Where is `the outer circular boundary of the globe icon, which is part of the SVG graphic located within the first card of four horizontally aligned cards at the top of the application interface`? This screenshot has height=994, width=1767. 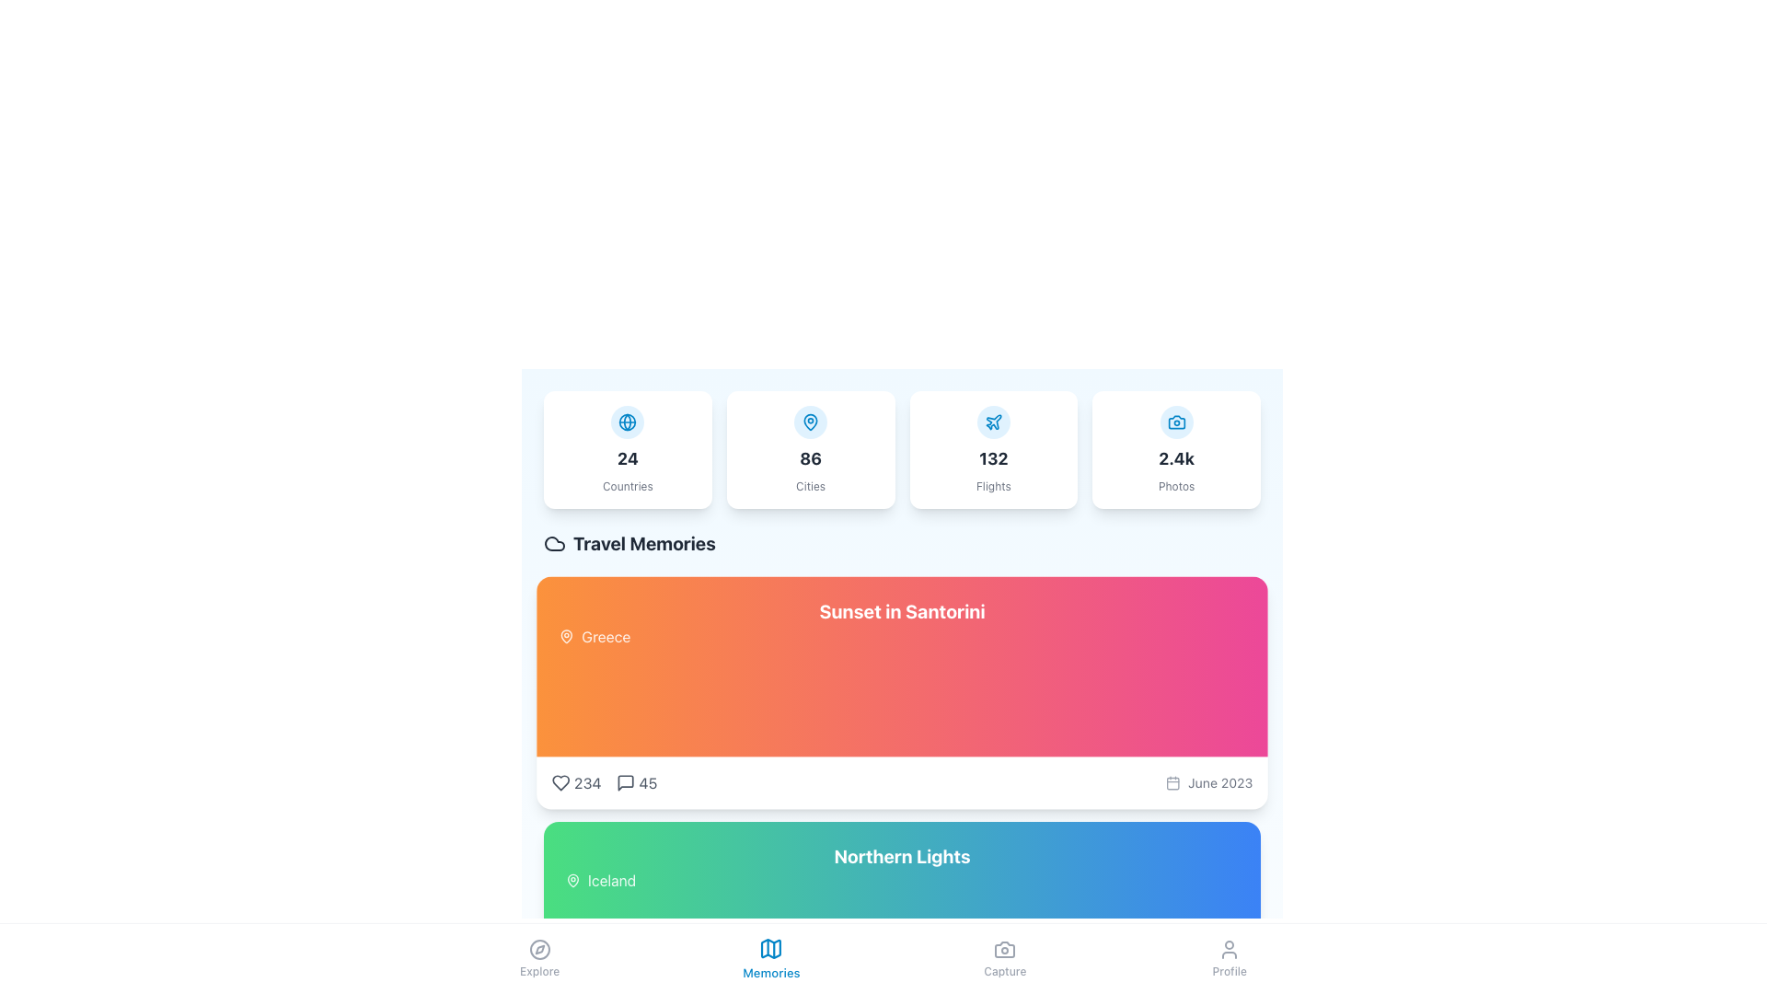 the outer circular boundary of the globe icon, which is part of the SVG graphic located within the first card of four horizontally aligned cards at the top of the application interface is located at coordinates (628, 422).